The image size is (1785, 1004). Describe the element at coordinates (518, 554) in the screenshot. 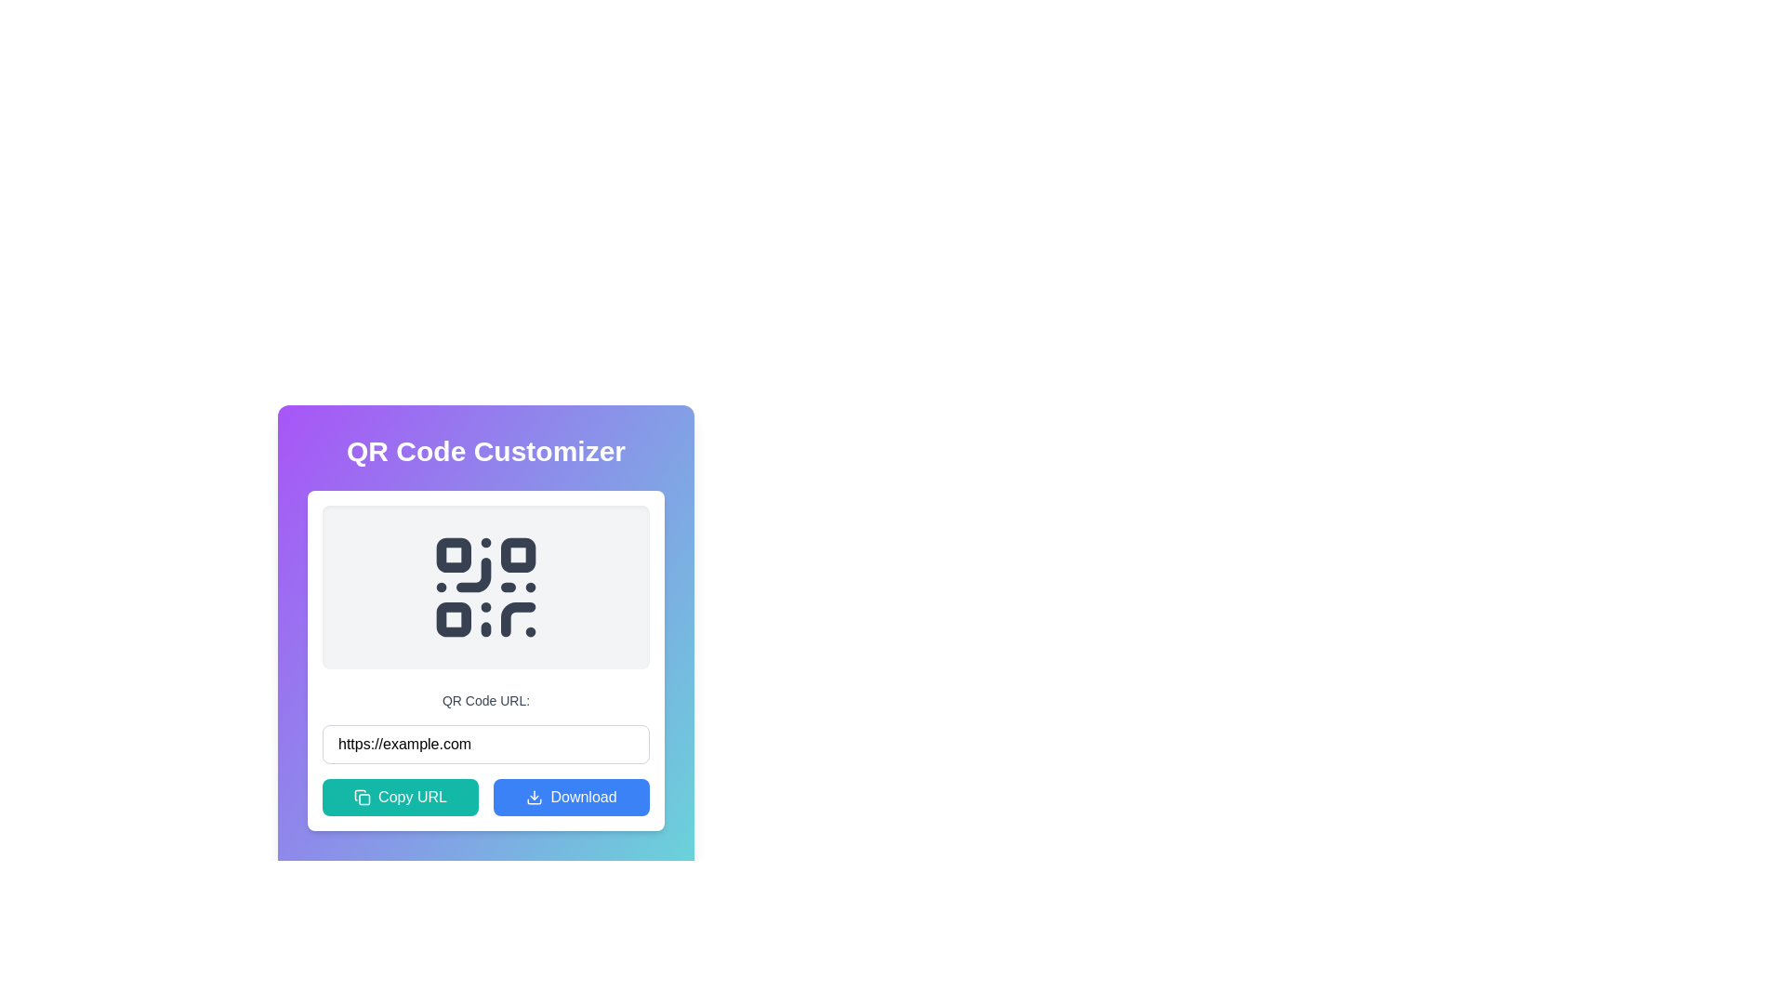

I see `the second square in the QR code grid, which is positioned in the top row and to the right of the leftmost square, within the QR code generator interface` at that location.